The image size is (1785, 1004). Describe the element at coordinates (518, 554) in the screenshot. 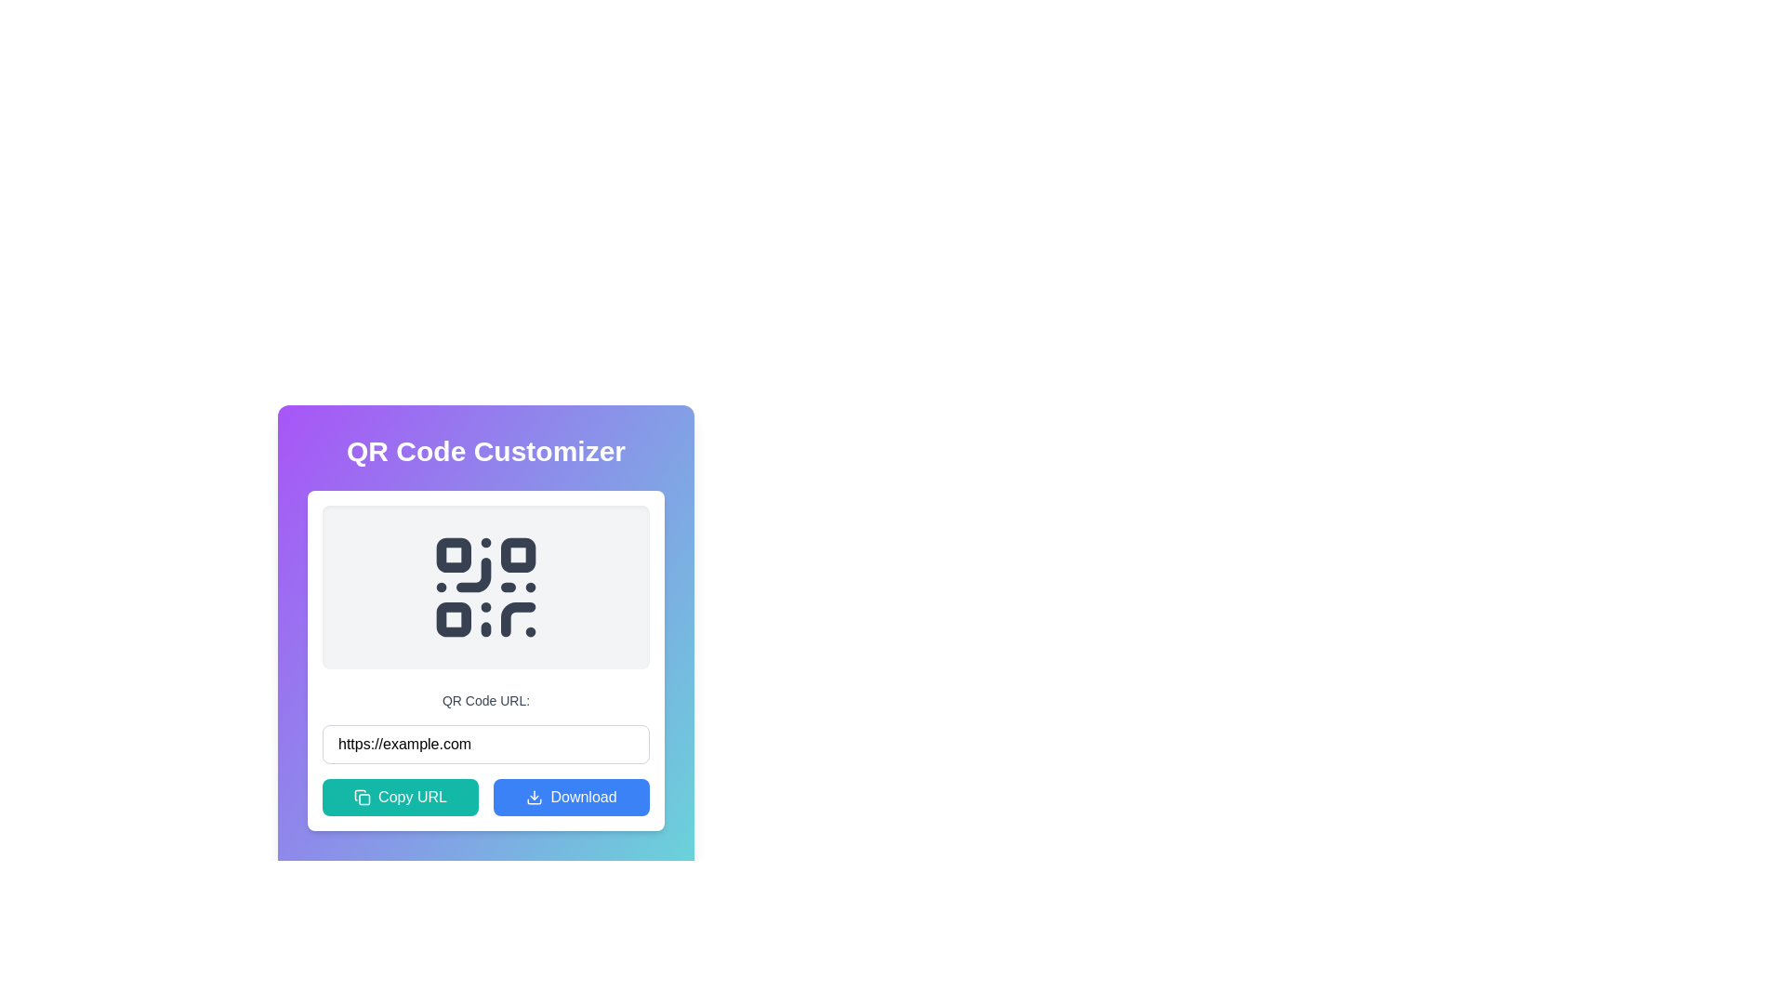

I see `the second square in the QR code grid, which is positioned in the top row and to the right of the leftmost square, within the QR code generator interface` at that location.